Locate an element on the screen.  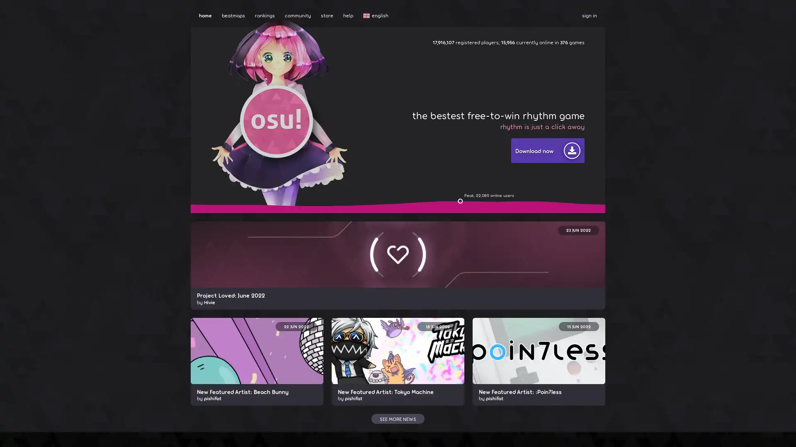
nederlands is located at coordinates (388, 195).